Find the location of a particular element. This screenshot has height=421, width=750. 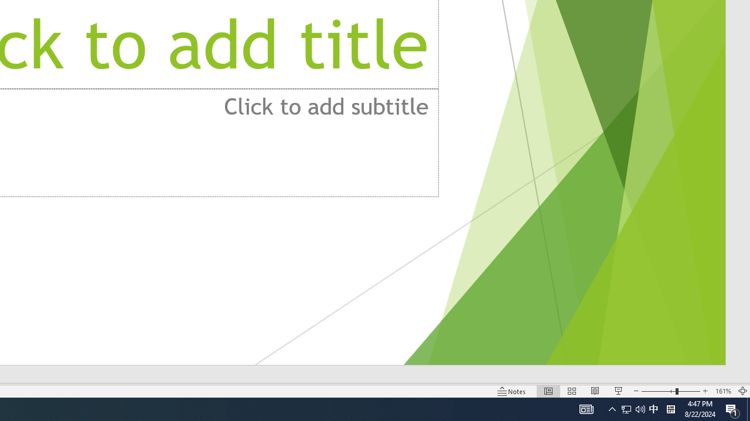

'Reading View' is located at coordinates (595, 391).